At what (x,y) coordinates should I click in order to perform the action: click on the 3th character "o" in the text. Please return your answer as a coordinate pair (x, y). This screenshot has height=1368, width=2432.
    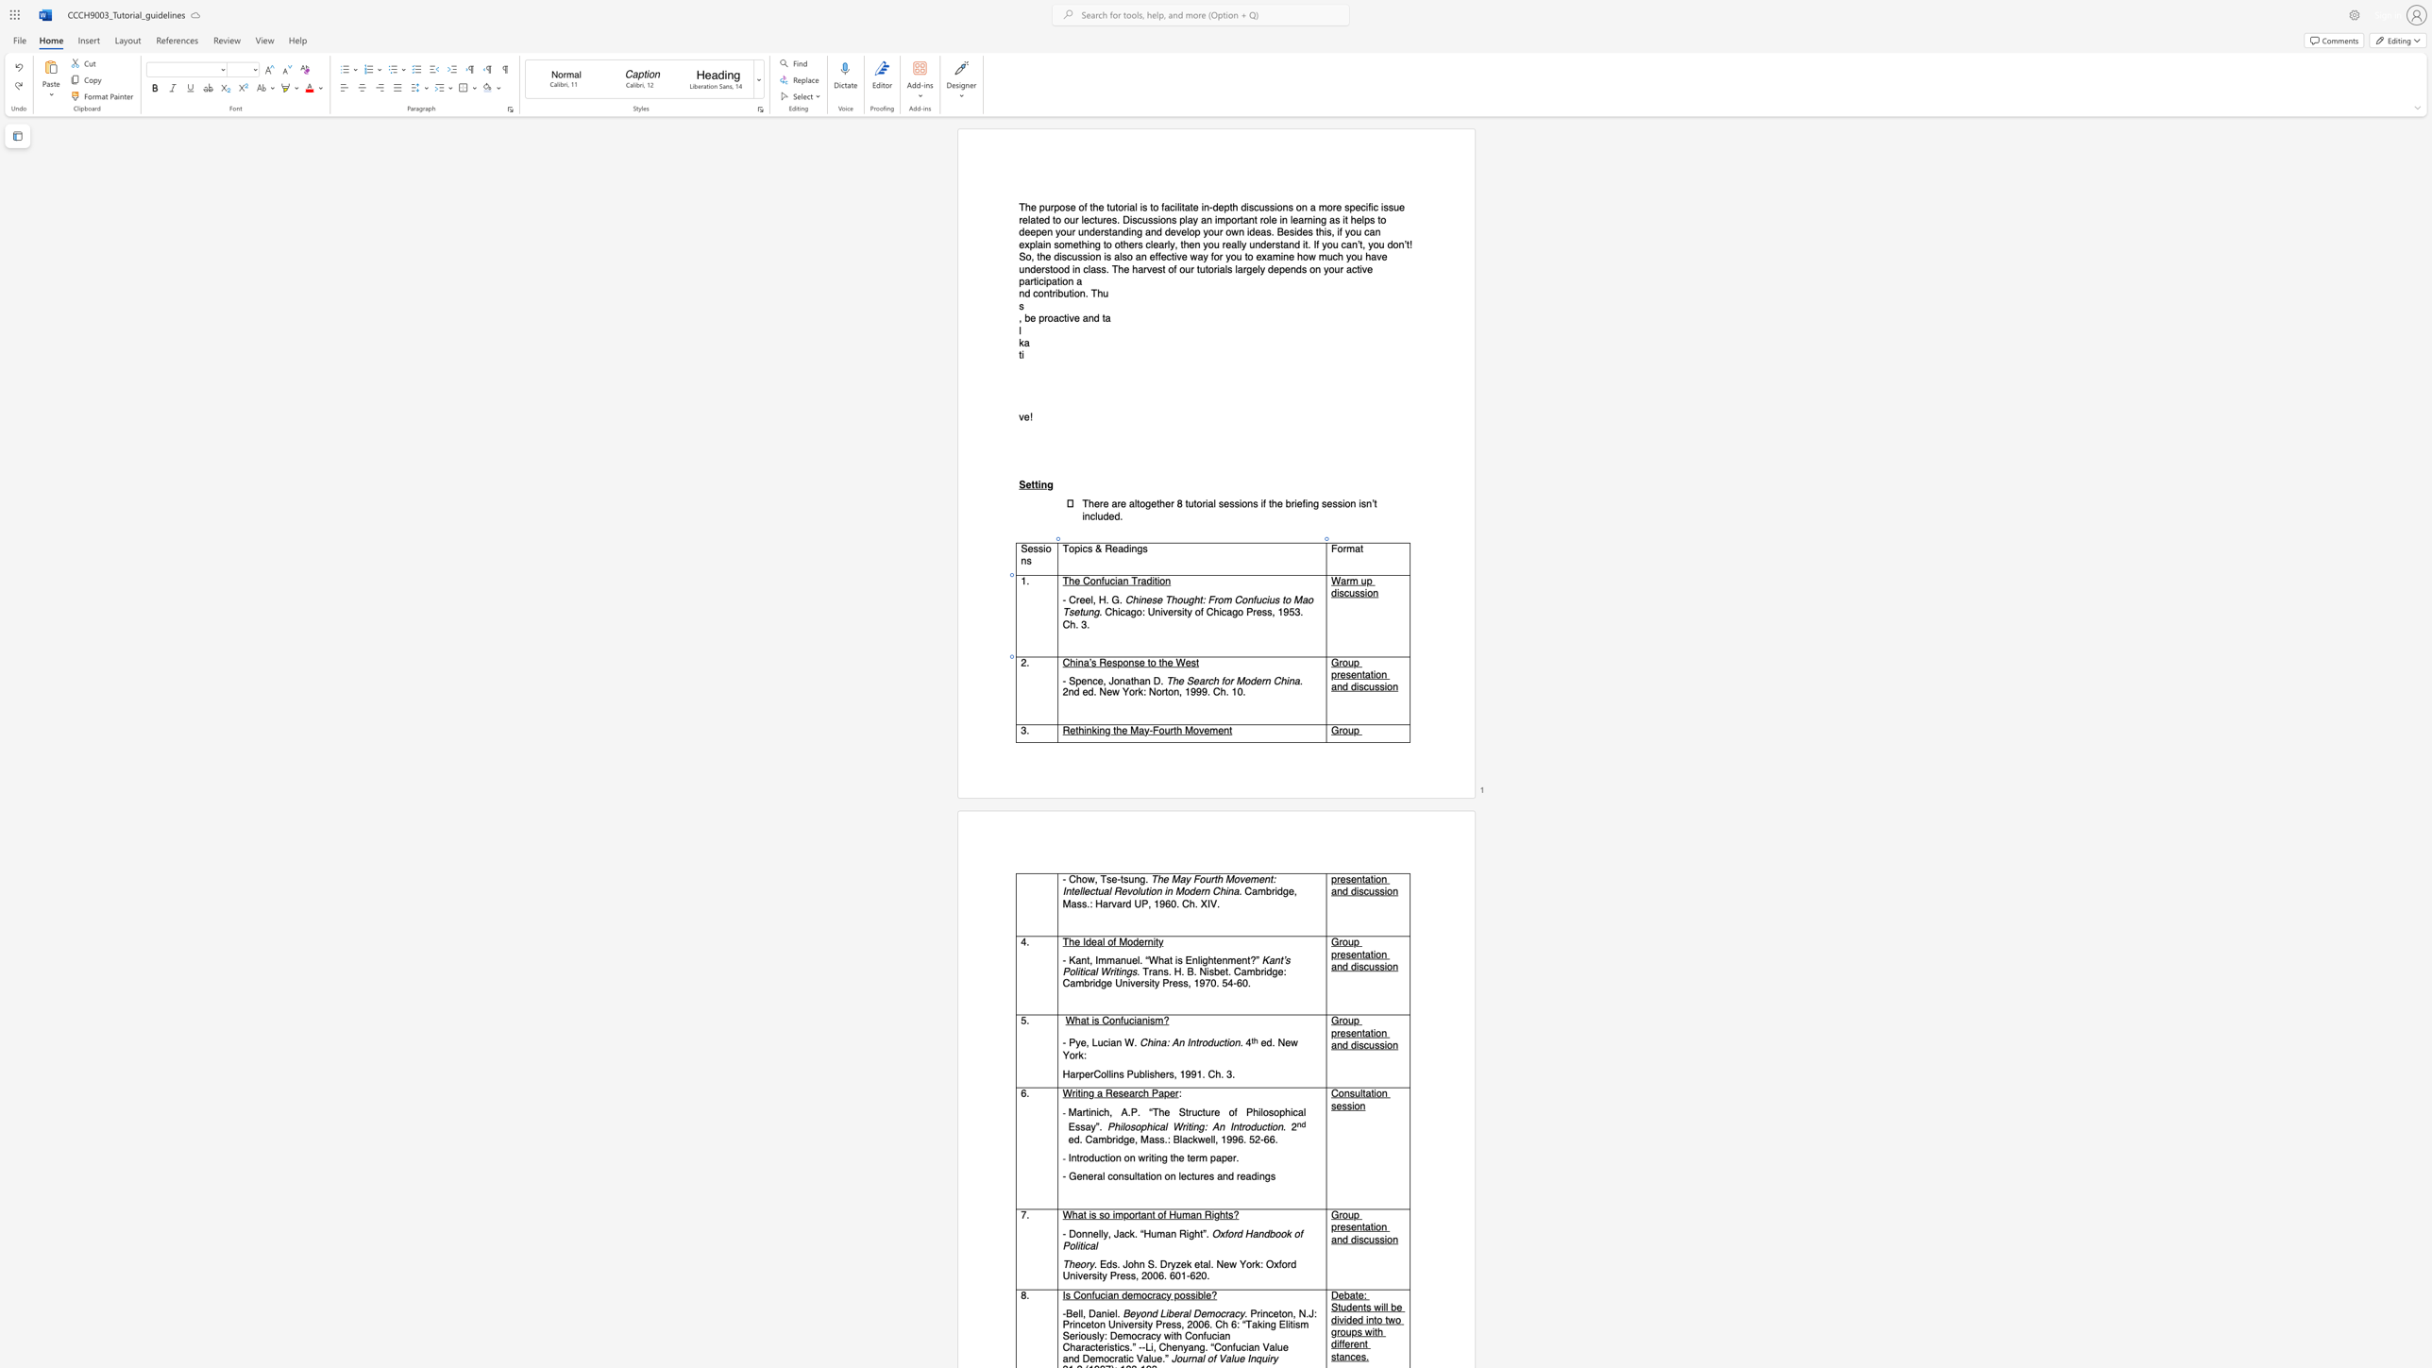
    Looking at the image, I should click on (1244, 600).